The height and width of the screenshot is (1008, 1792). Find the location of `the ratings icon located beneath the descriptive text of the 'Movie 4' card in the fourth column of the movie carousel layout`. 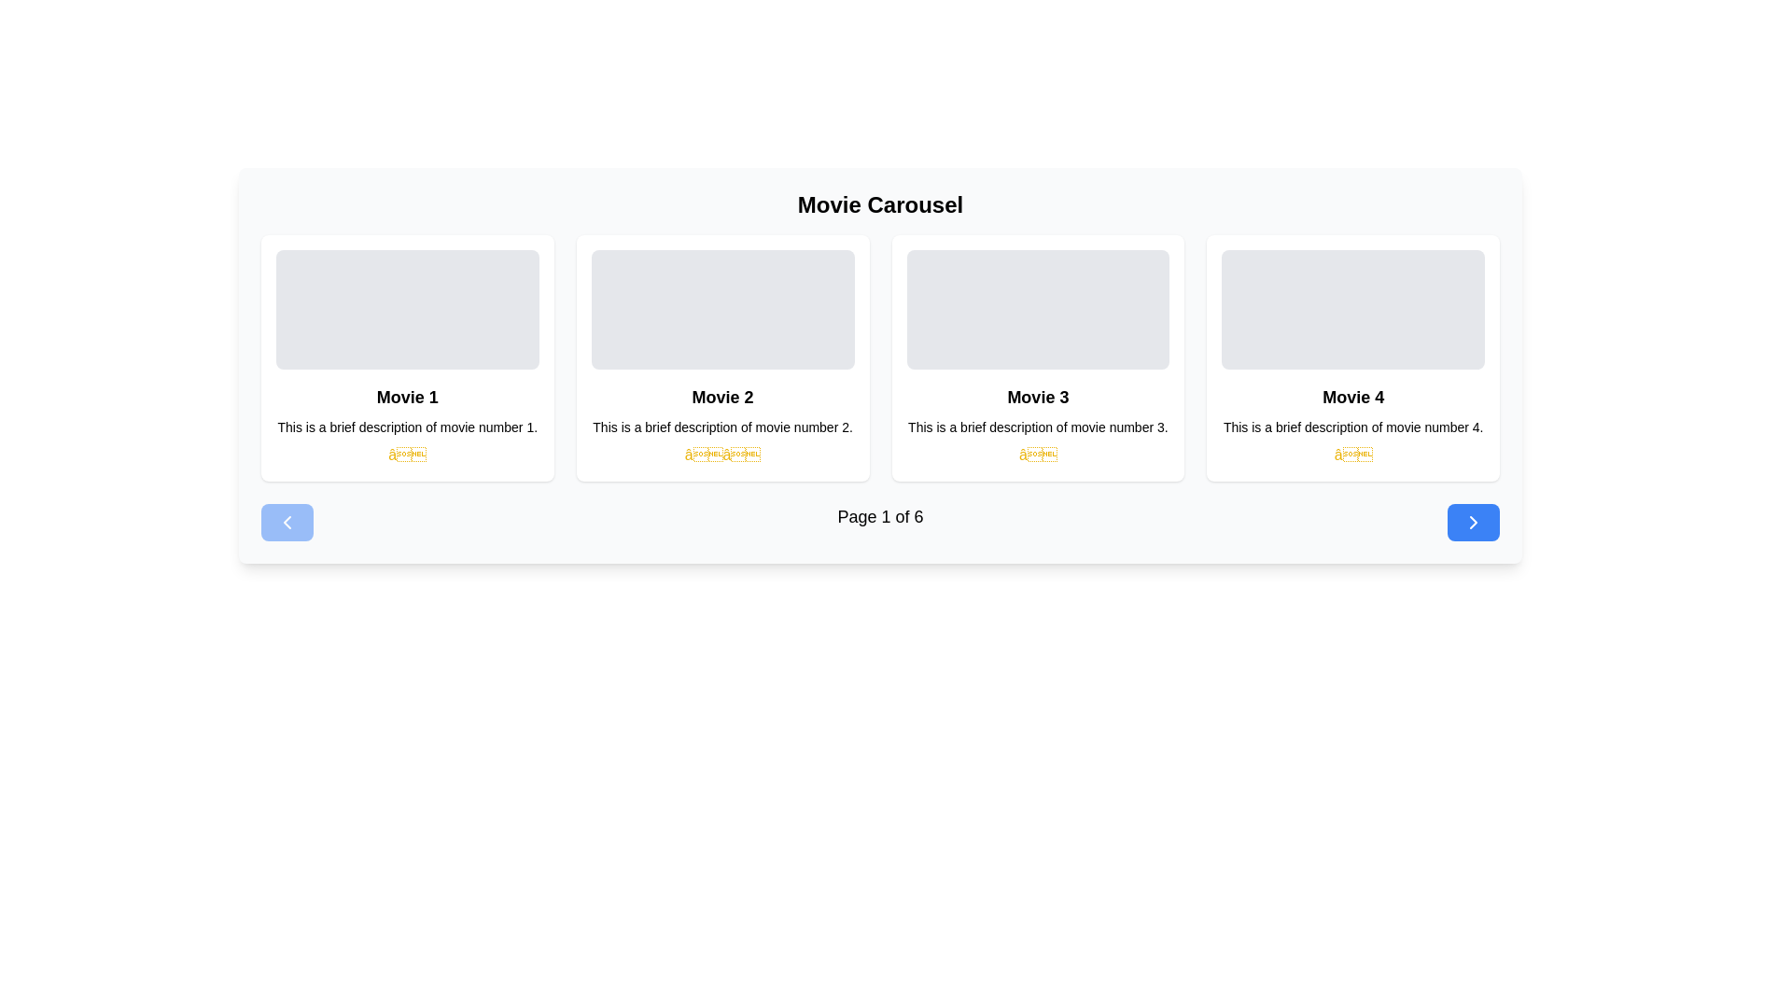

the ratings icon located beneath the descriptive text of the 'Movie 4' card in the fourth column of the movie carousel layout is located at coordinates (1353, 455).